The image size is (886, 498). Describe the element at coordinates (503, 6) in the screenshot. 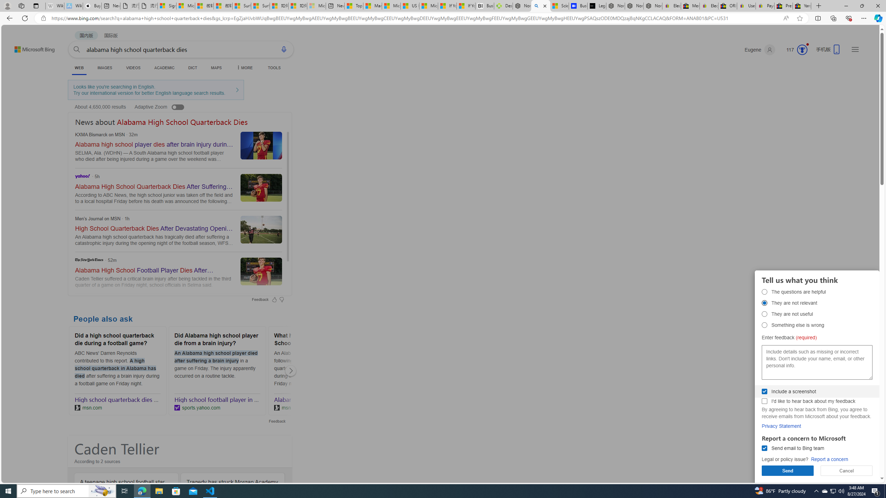

I see `'Descarga Driver Updater'` at that location.